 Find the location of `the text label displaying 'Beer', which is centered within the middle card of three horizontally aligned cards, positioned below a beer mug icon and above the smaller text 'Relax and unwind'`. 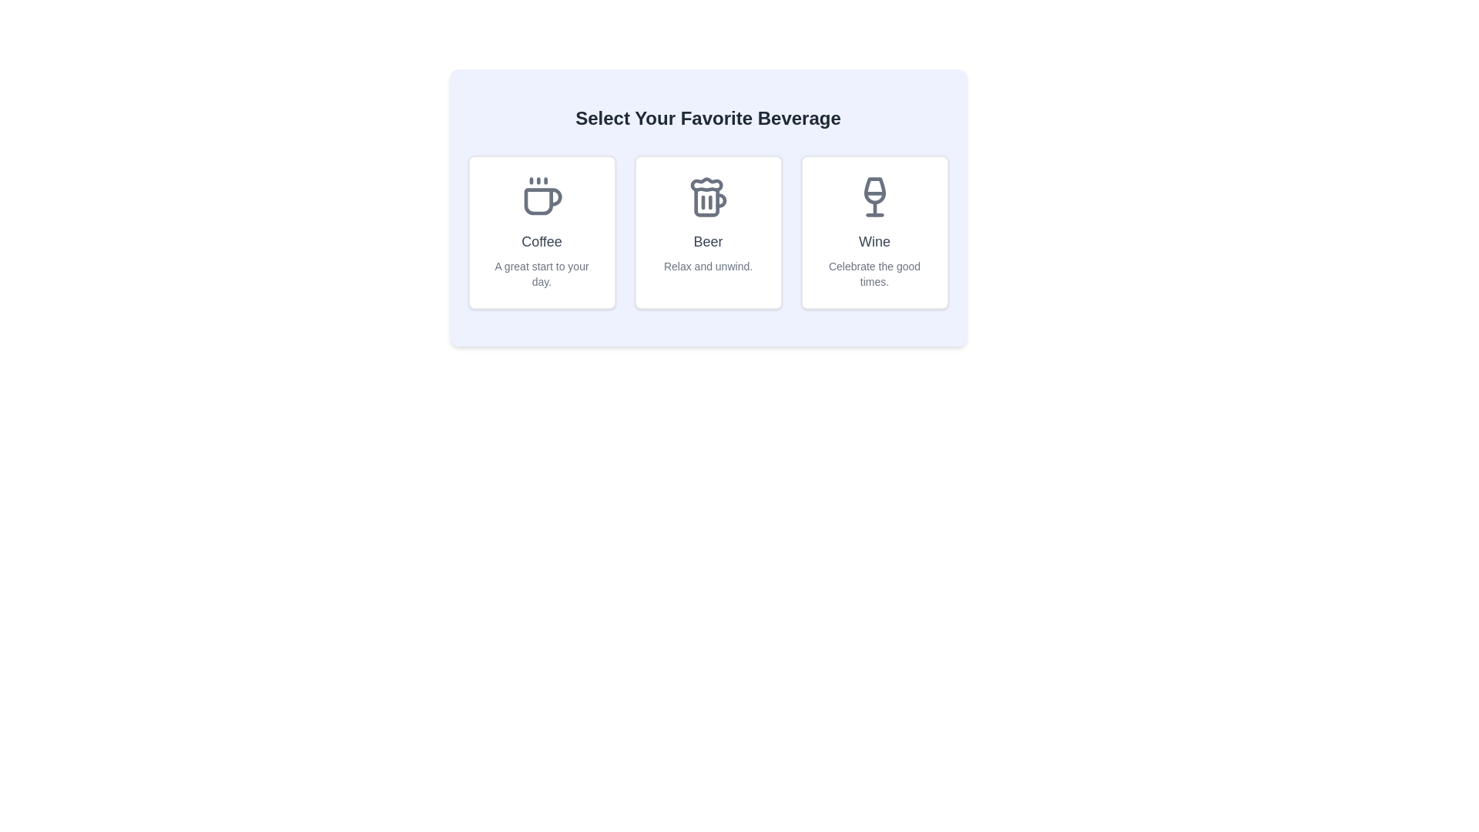

the text label displaying 'Beer', which is centered within the middle card of three horizontally aligned cards, positioned below a beer mug icon and above the smaller text 'Relax and unwind' is located at coordinates (707, 241).